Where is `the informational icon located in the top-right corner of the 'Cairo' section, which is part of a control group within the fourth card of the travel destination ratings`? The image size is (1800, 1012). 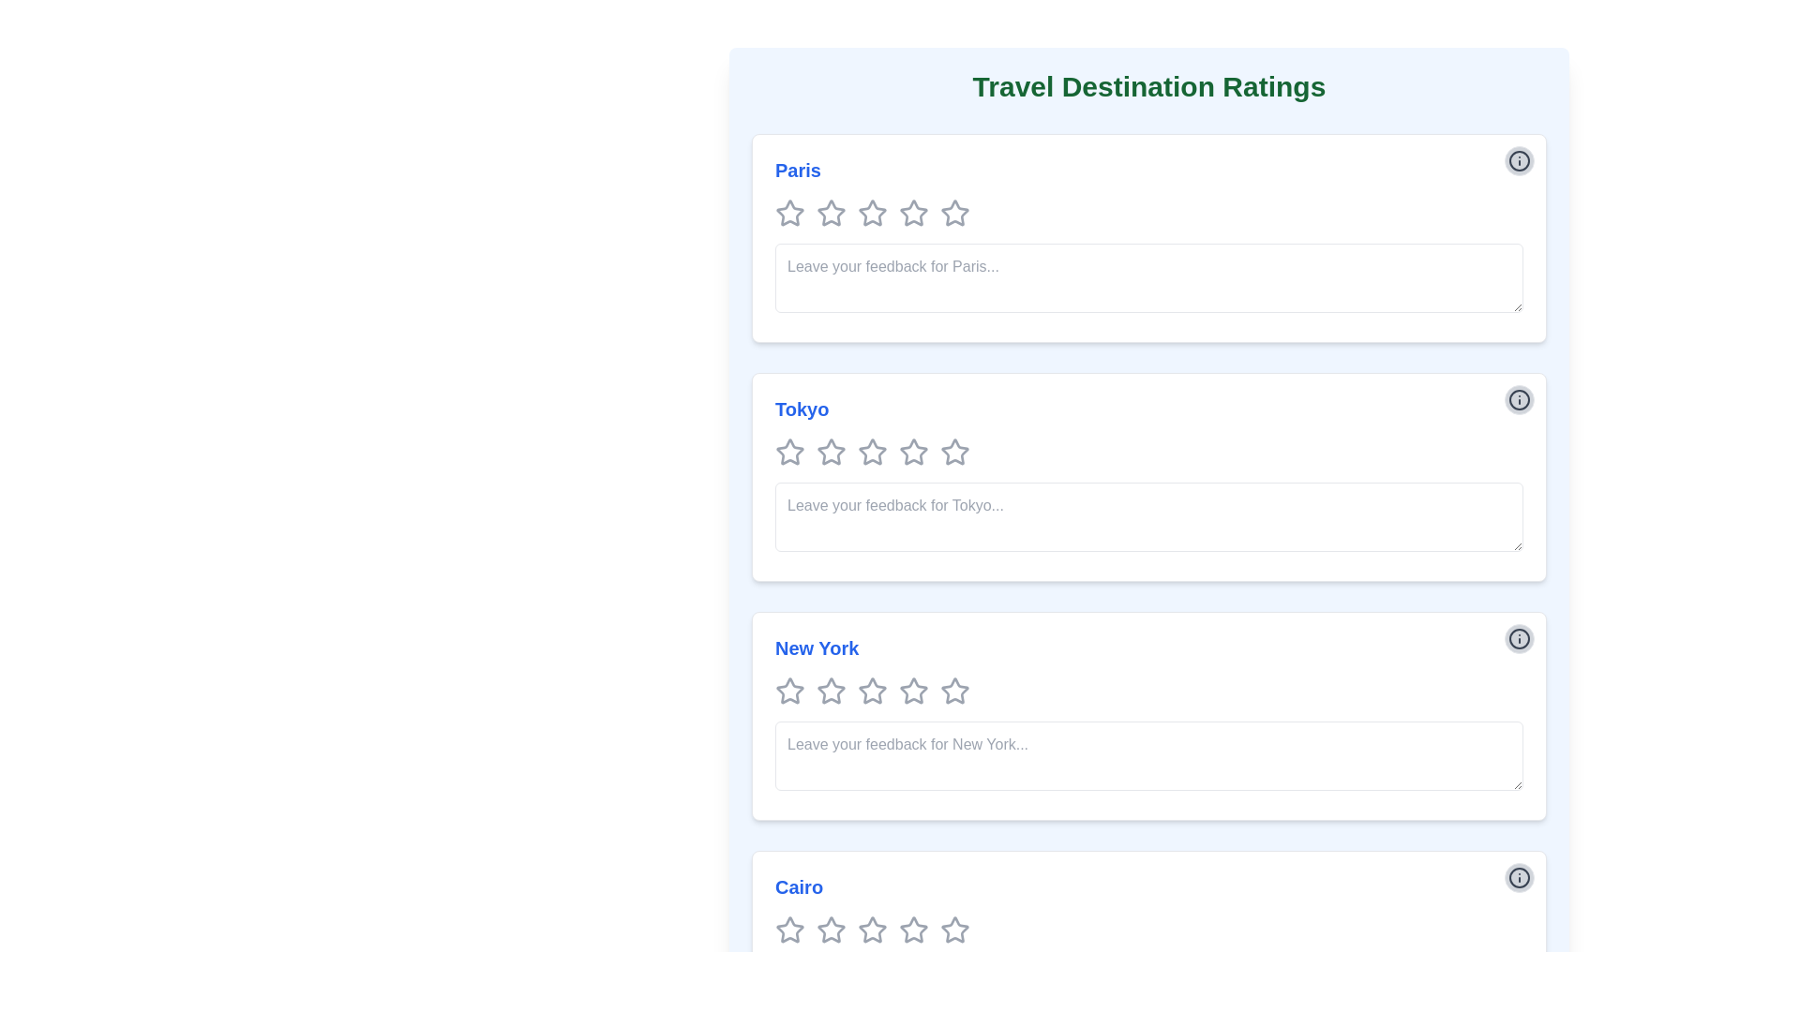 the informational icon located in the top-right corner of the 'Cairo' section, which is part of a control group within the fourth card of the travel destination ratings is located at coordinates (1520, 878).